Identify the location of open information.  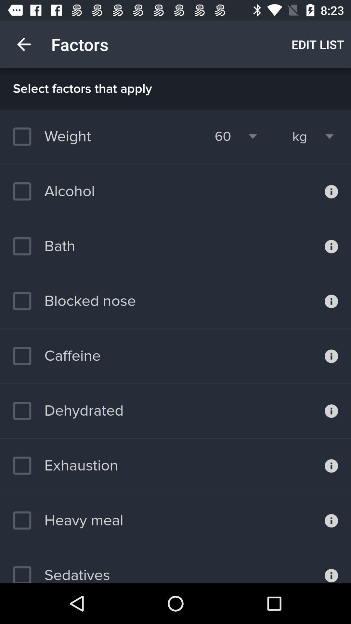
(331, 356).